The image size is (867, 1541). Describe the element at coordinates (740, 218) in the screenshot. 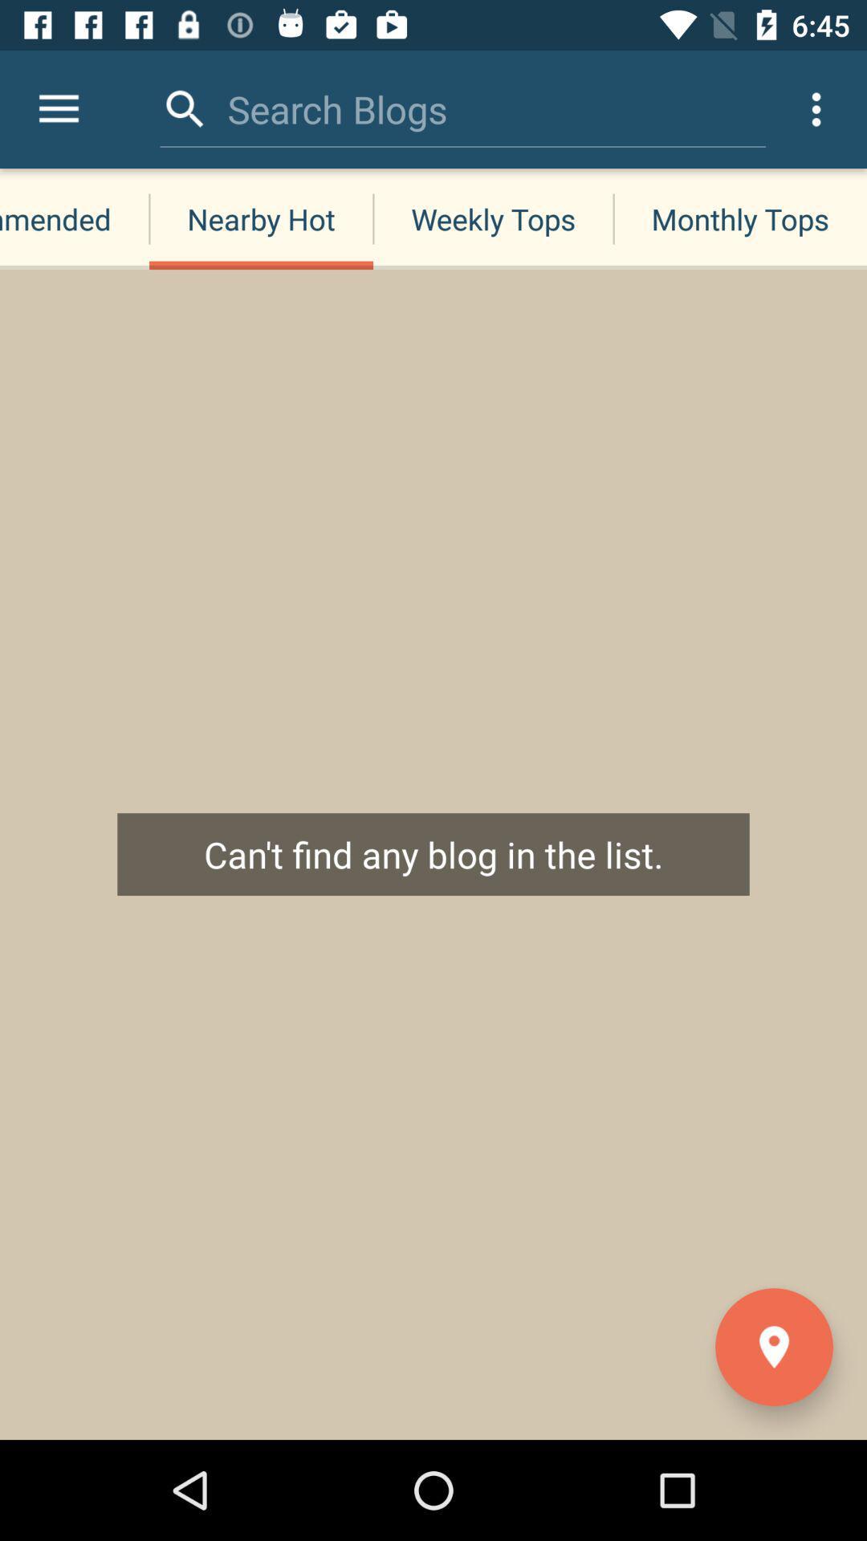

I see `the monthly tops` at that location.